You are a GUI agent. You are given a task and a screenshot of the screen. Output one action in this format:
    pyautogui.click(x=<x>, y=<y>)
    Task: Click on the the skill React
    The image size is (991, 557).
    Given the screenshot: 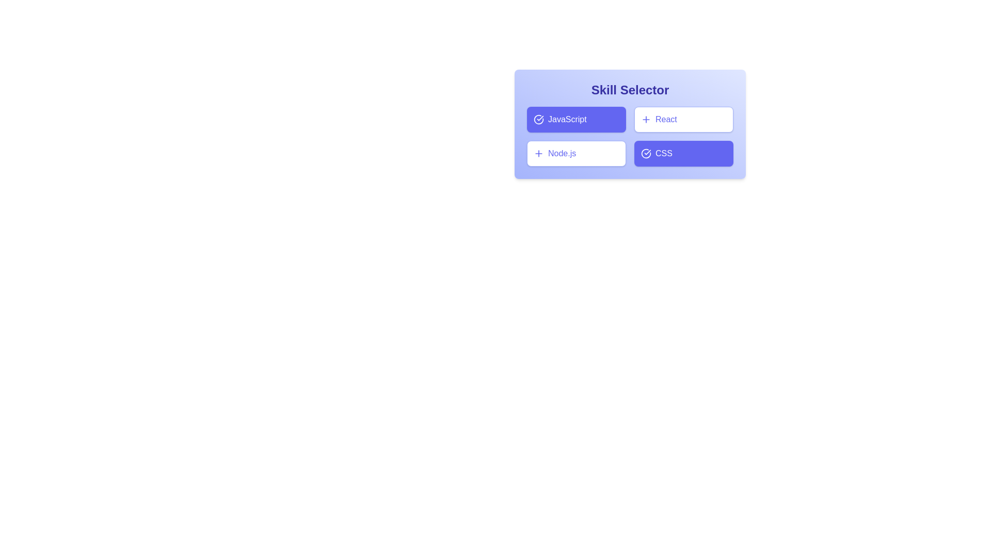 What is the action you would take?
    pyautogui.click(x=683, y=119)
    